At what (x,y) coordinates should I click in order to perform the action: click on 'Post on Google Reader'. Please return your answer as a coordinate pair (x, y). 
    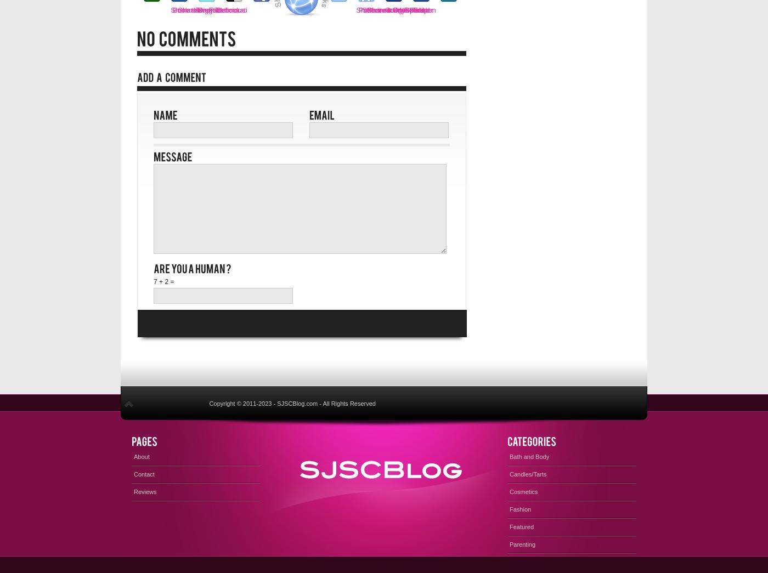
    Looking at the image, I should click on (396, 9).